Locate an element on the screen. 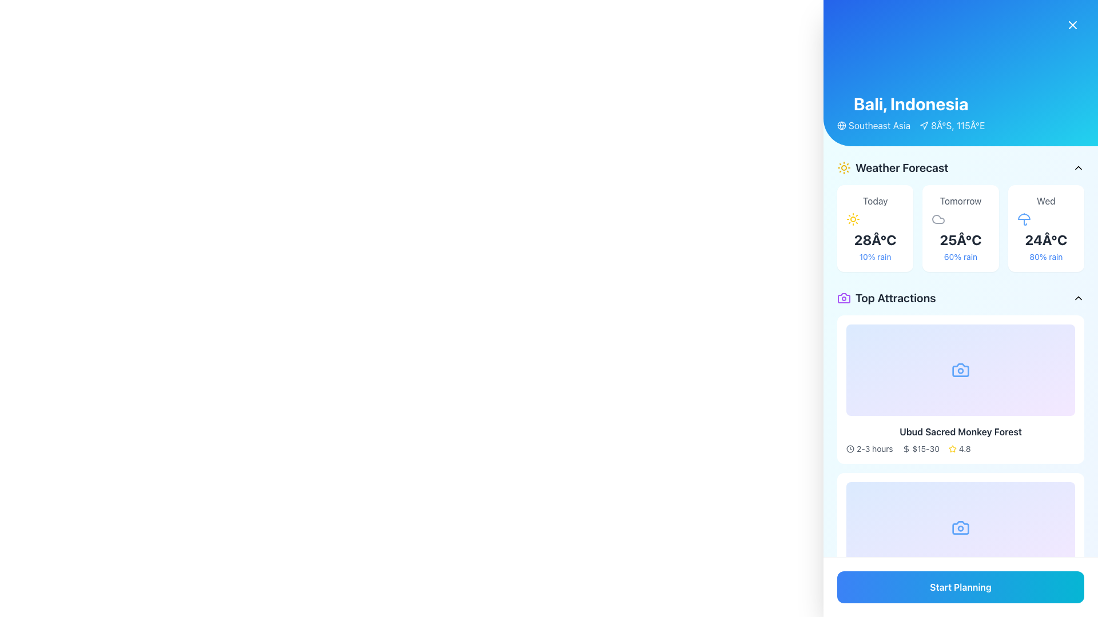 The width and height of the screenshot is (1098, 617). the text element that represents the estimated duration of an activity or visit, indicating a time range of 2 to 3 hours is located at coordinates (869, 448).